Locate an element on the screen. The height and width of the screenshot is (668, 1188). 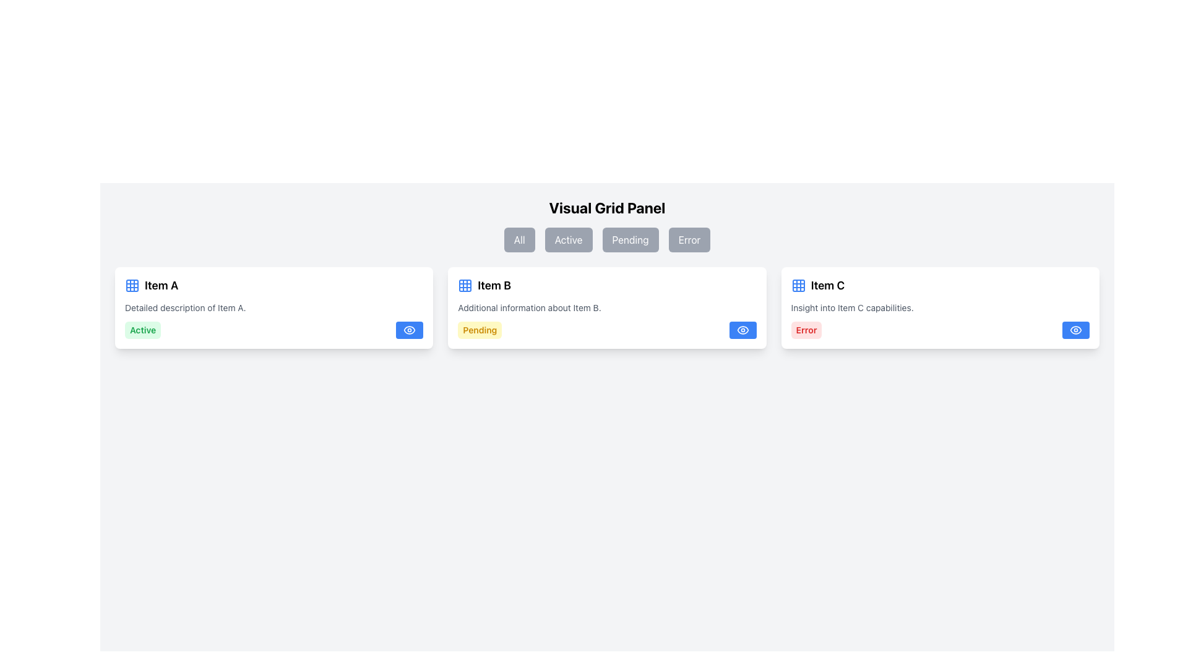
the text snippet displaying 'Detailed description of Item A.' which is located beneath the title 'Item A' in the card layout is located at coordinates (184, 307).